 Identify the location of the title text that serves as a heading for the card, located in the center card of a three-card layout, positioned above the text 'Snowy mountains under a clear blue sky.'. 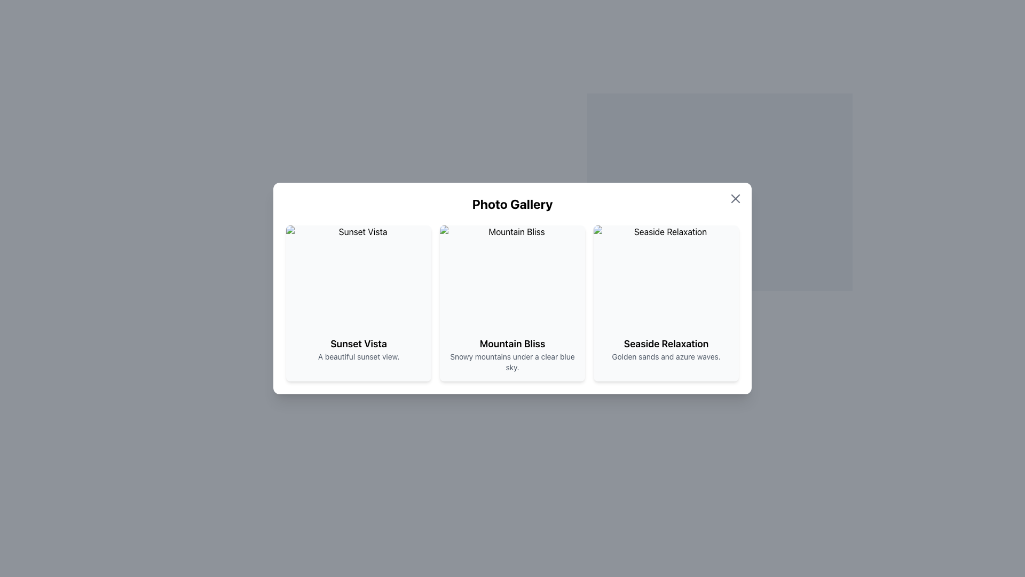
(512, 344).